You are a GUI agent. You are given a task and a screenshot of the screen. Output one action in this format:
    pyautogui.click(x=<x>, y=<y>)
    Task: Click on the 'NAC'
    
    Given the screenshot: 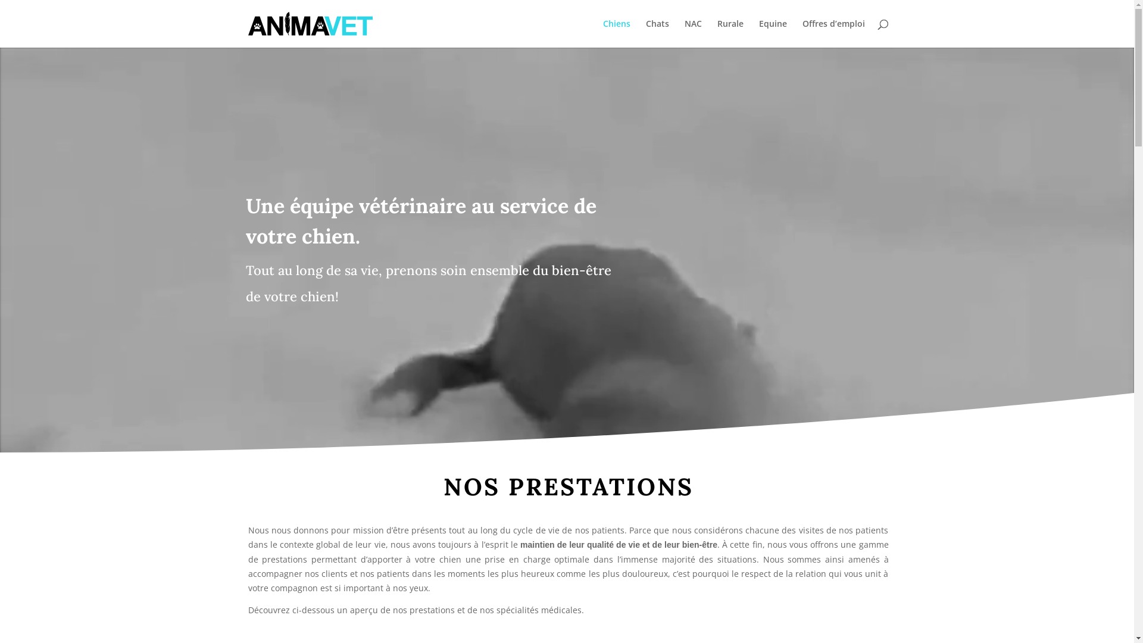 What is the action you would take?
    pyautogui.click(x=685, y=33)
    